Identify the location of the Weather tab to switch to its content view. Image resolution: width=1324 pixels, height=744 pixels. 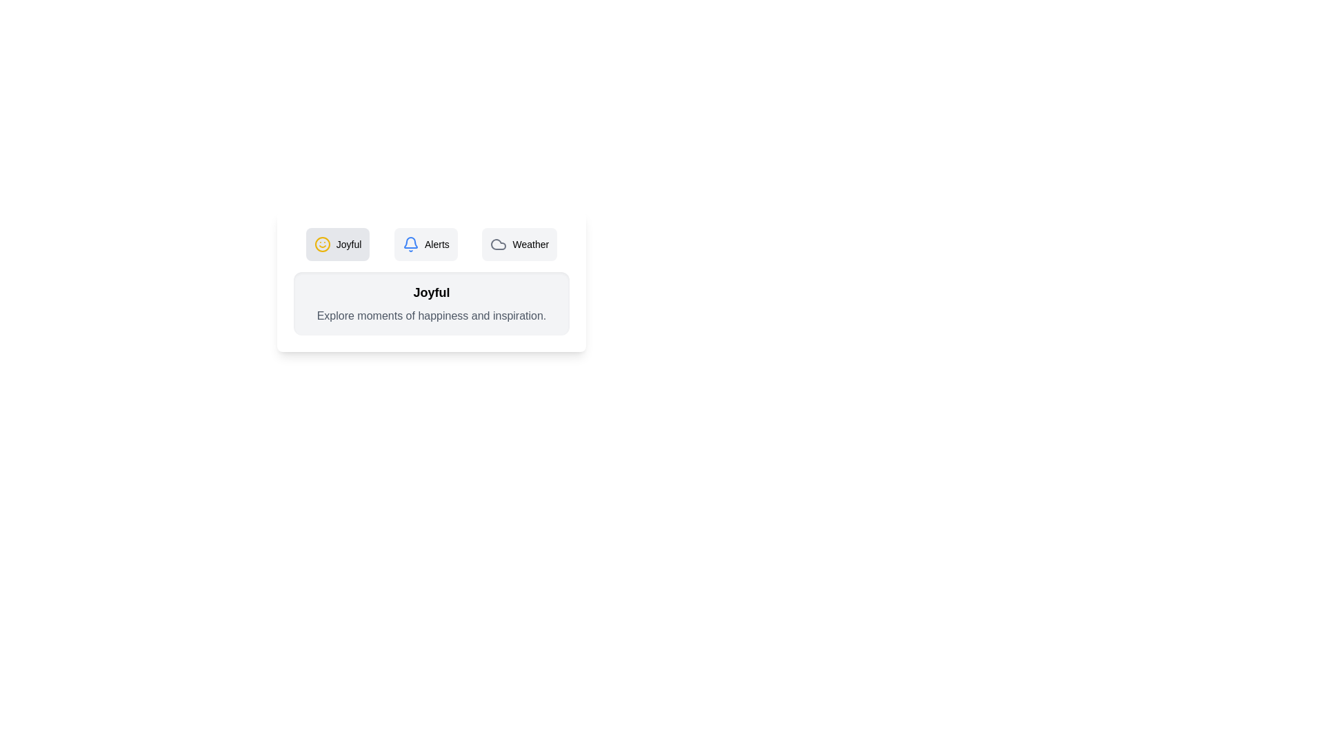
(519, 243).